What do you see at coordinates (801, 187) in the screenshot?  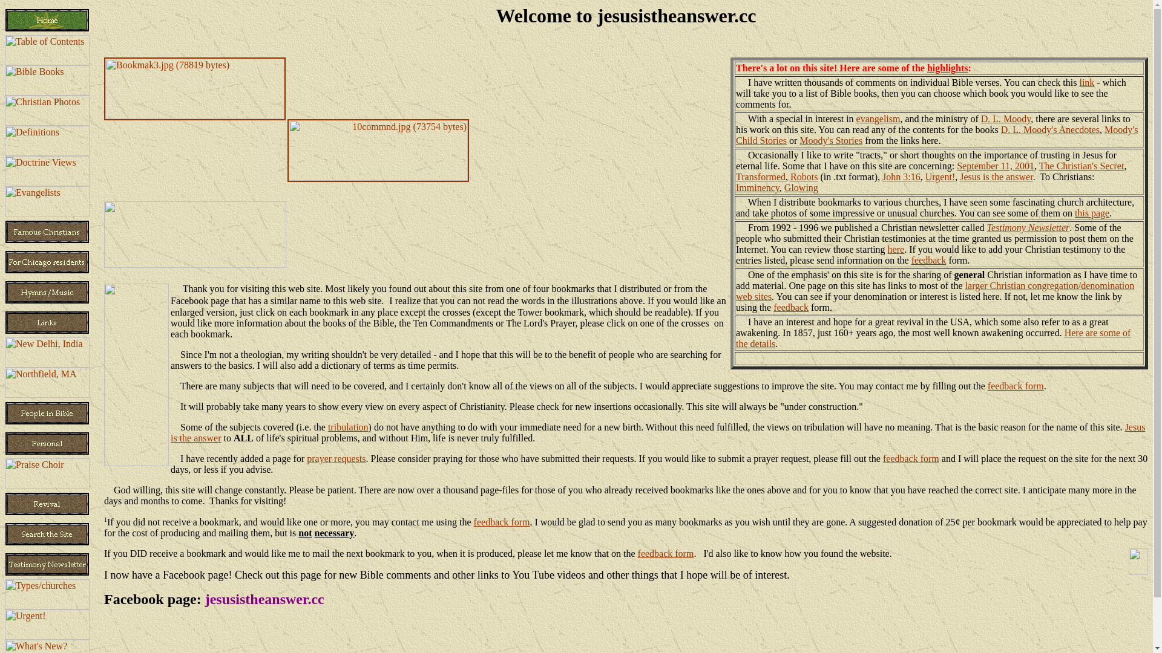 I see `'Glowing'` at bounding box center [801, 187].